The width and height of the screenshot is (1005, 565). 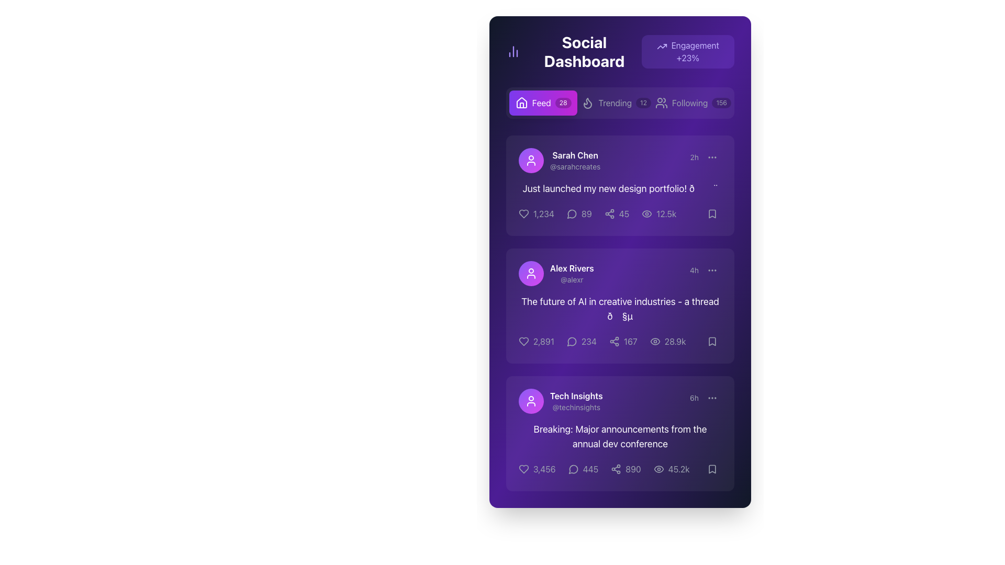 I want to click on the like button, which is the first interactive item in the interaction bar under the post by 'Sarah Chen', featuring a heart icon and the text '1,234', so click(x=535, y=213).